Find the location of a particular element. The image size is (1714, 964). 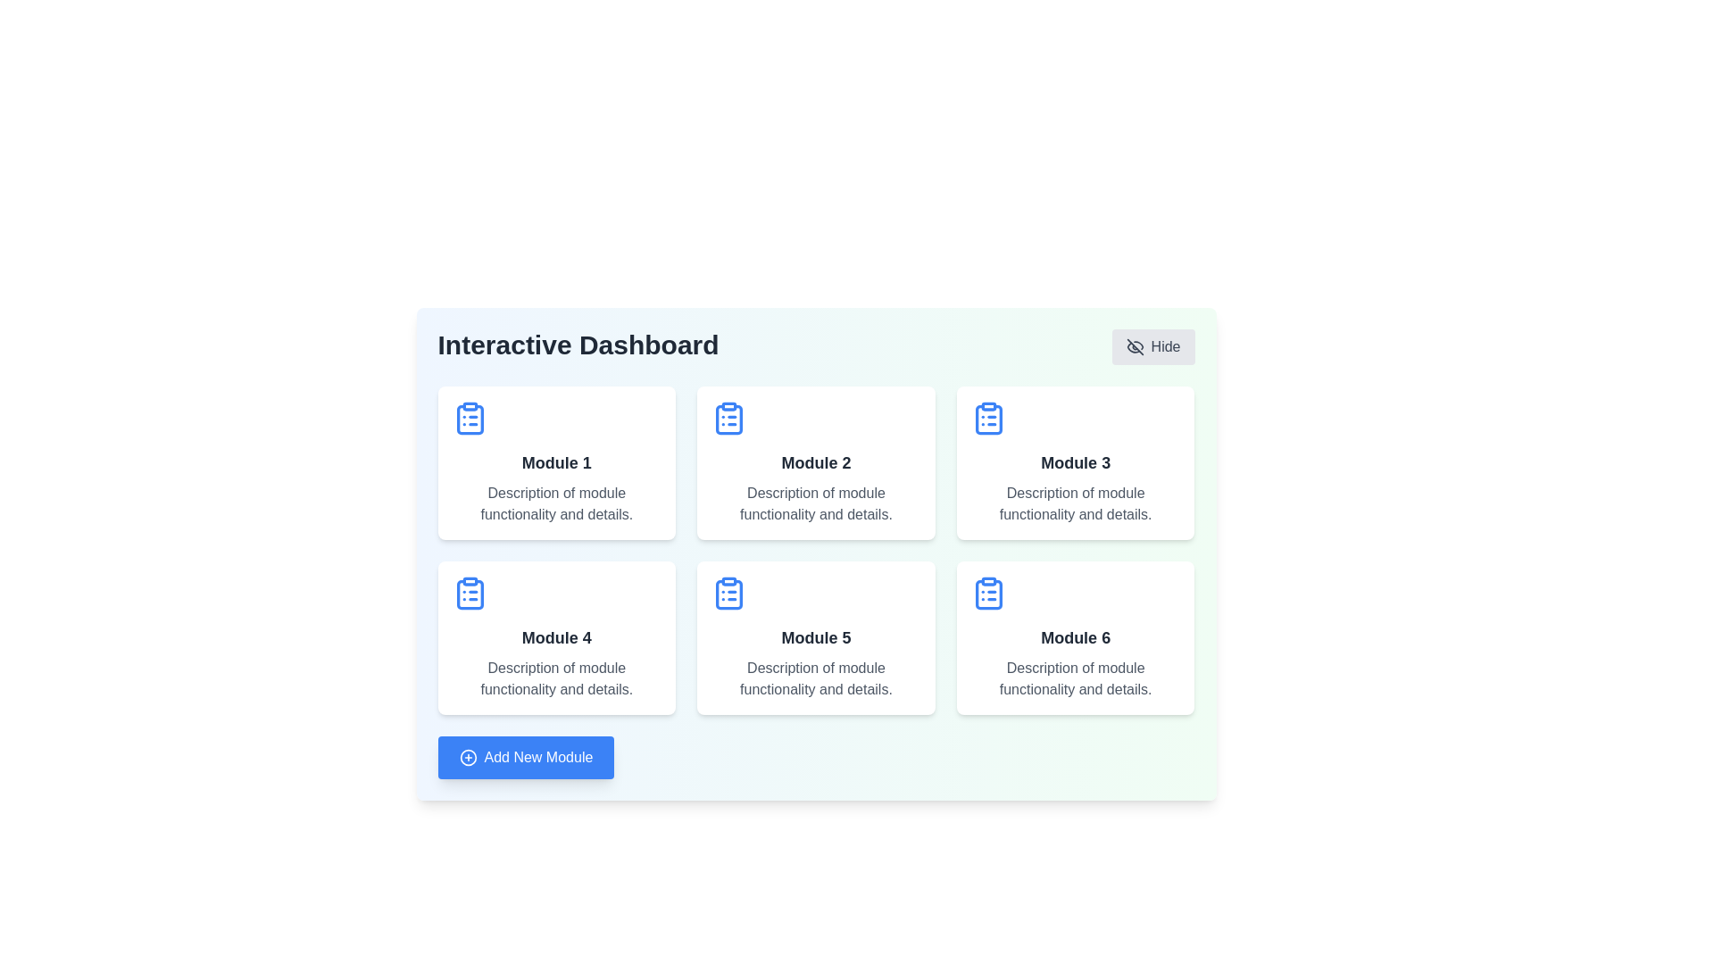

the text label reading 'Module 1', which is styled with a bold font and larger size, located in the first row and first column of the grid layout, positioned between an icon above and descriptive text below is located at coordinates (555, 462).